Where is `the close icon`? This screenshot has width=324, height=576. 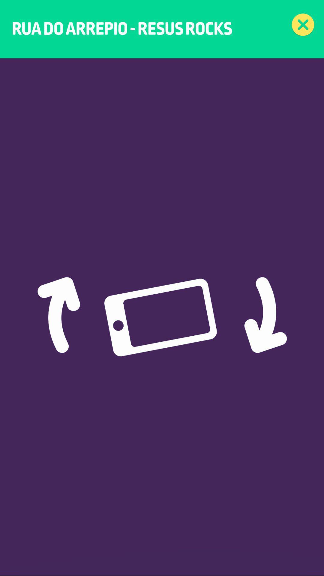
the close icon is located at coordinates (303, 25).